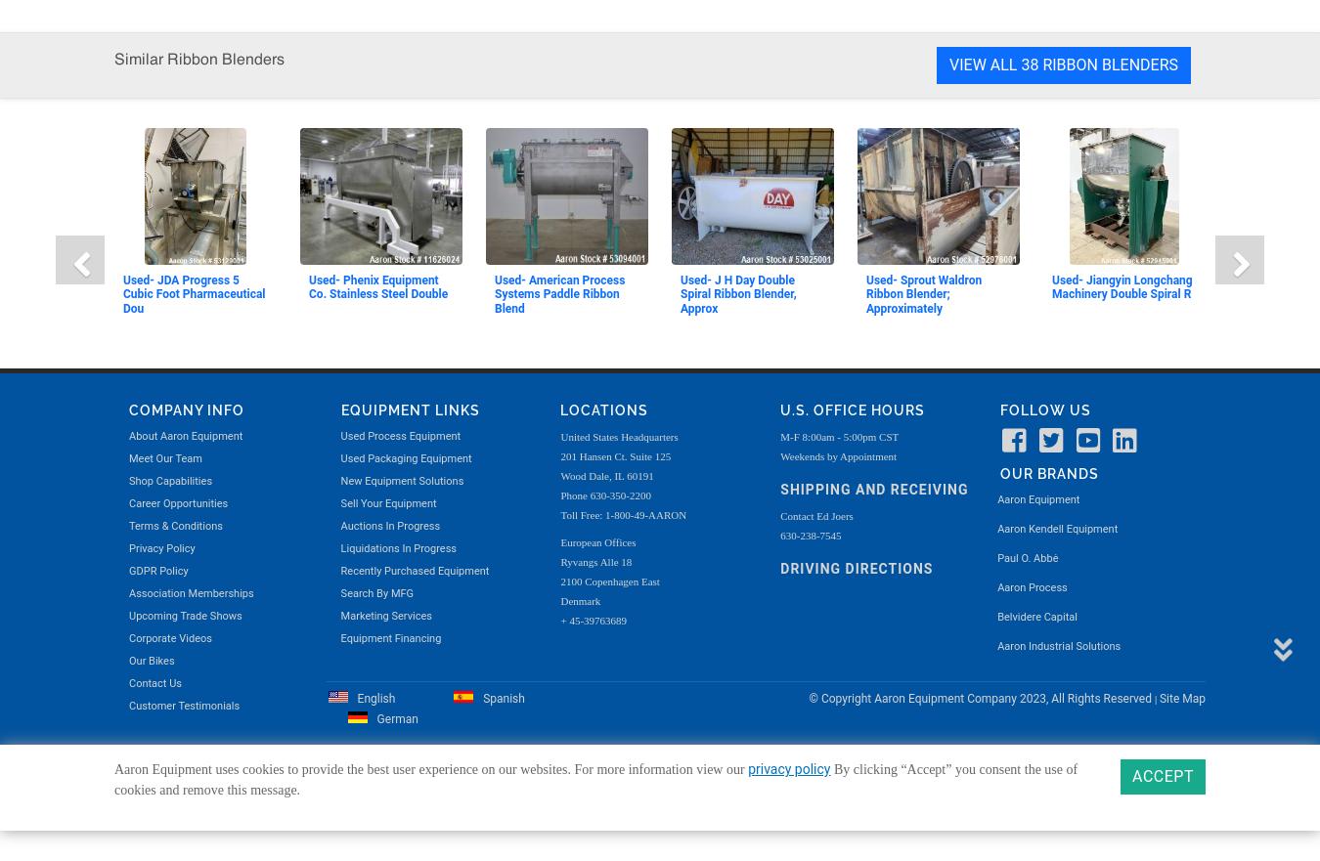 The height and width of the screenshot is (861, 1320). What do you see at coordinates (151, 62) in the screenshot?
I see `'Our Bikes'` at bounding box center [151, 62].